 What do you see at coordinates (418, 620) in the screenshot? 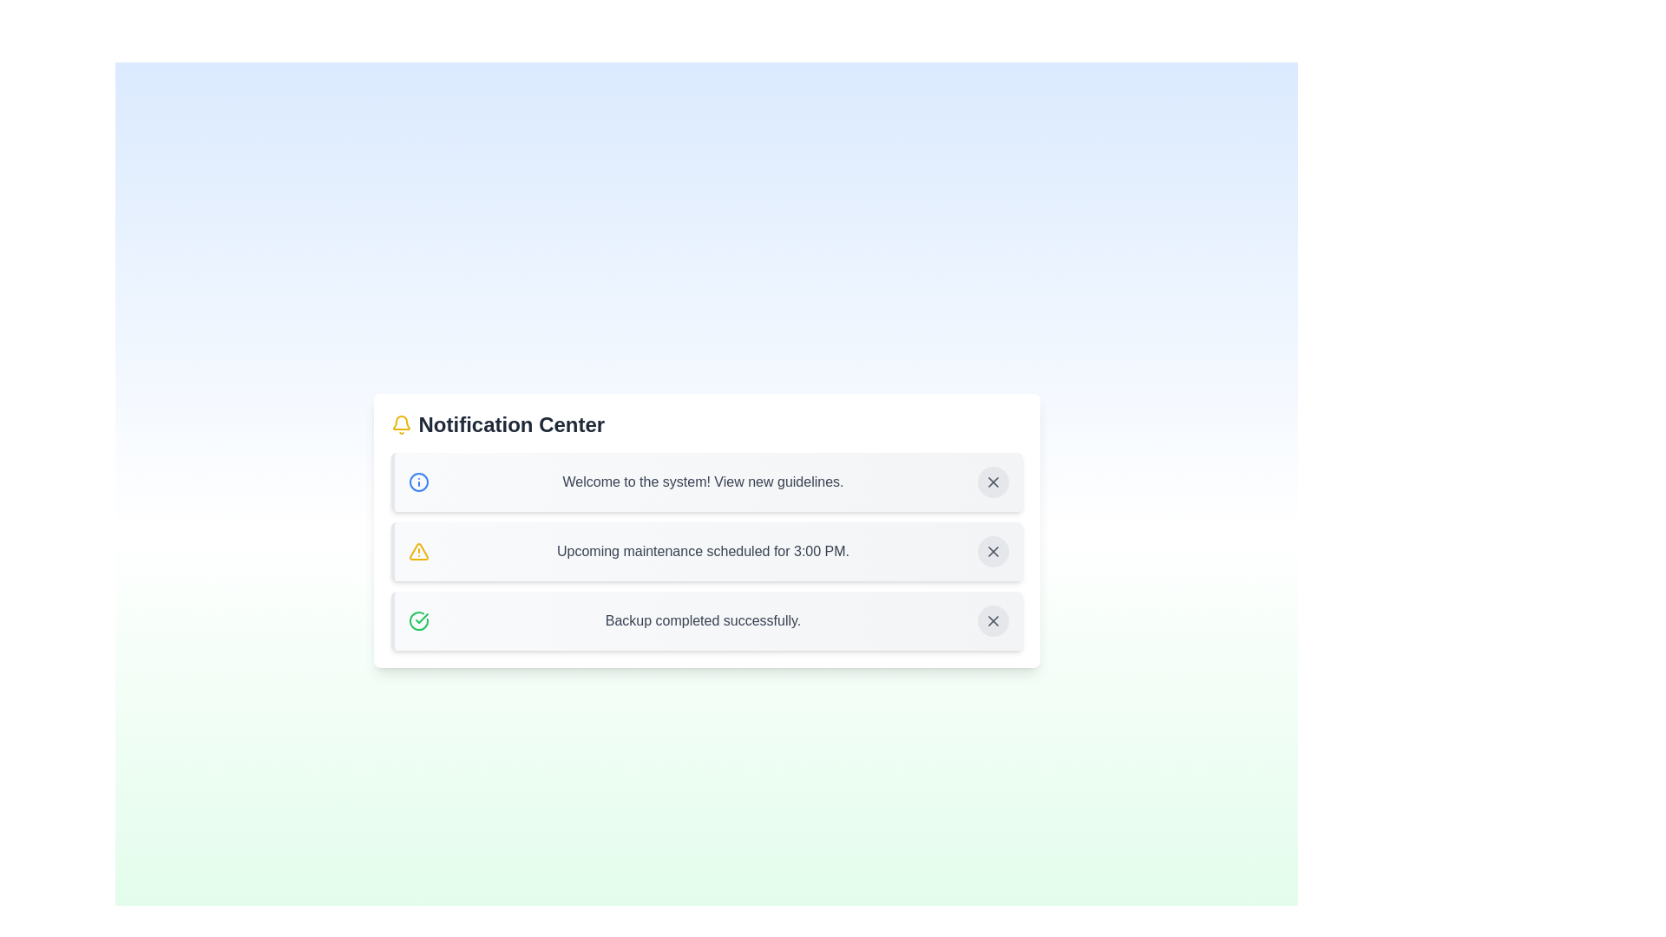
I see `the circular icon with a green outline and checkmark, indicating completion, located left of the third row in the notification panel that states 'Backup completed successfully'` at bounding box center [418, 620].